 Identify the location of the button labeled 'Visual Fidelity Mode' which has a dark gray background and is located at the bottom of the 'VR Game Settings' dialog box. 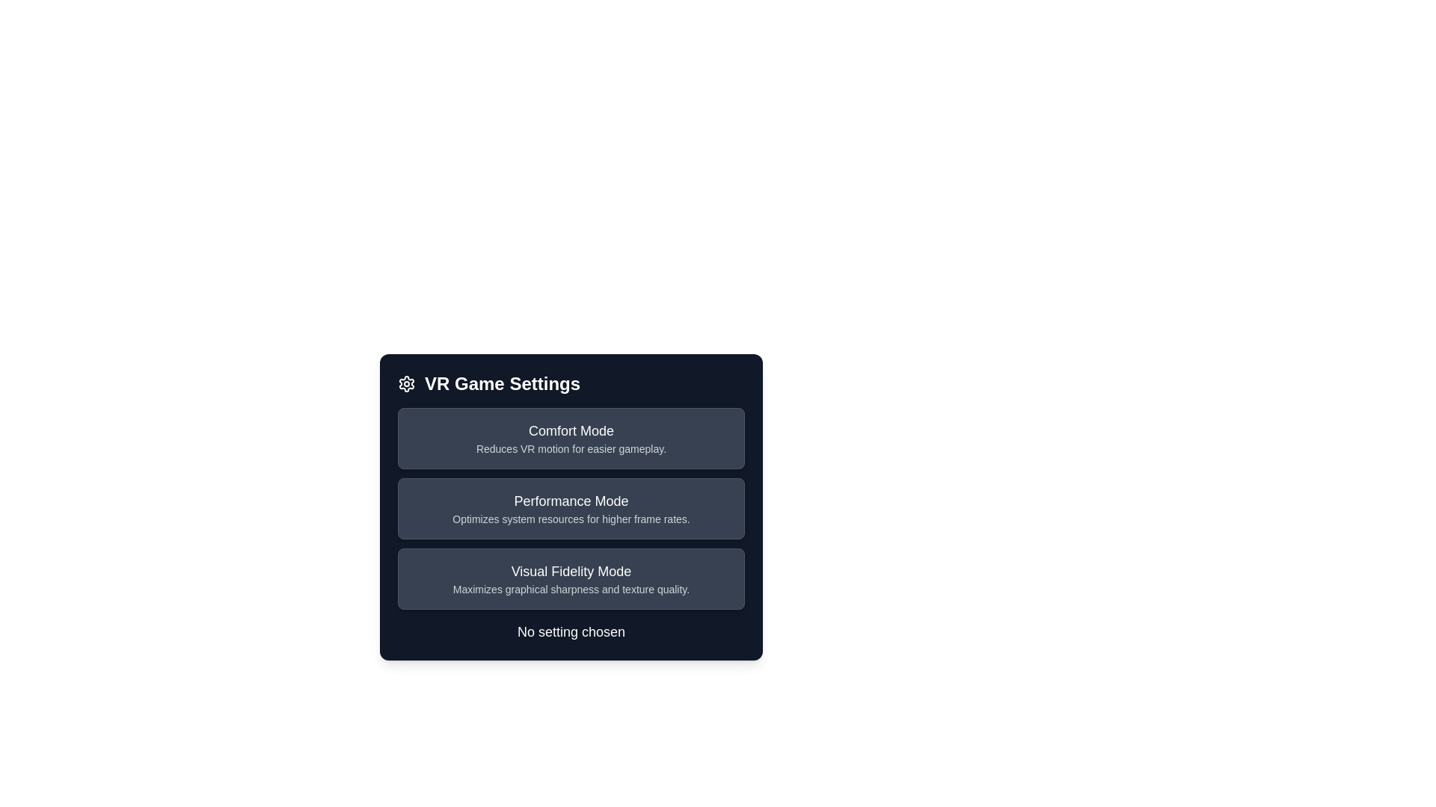
(570, 578).